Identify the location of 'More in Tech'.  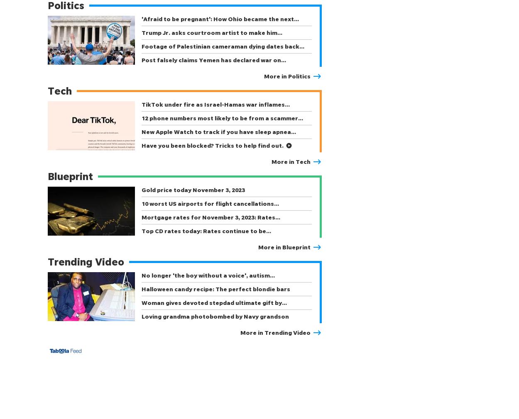
(291, 161).